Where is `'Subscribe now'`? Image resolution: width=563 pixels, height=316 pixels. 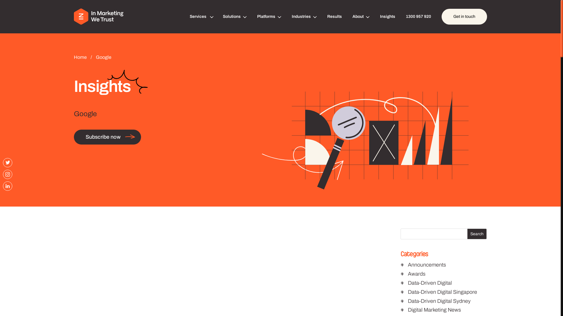 'Subscribe now' is located at coordinates (107, 137).